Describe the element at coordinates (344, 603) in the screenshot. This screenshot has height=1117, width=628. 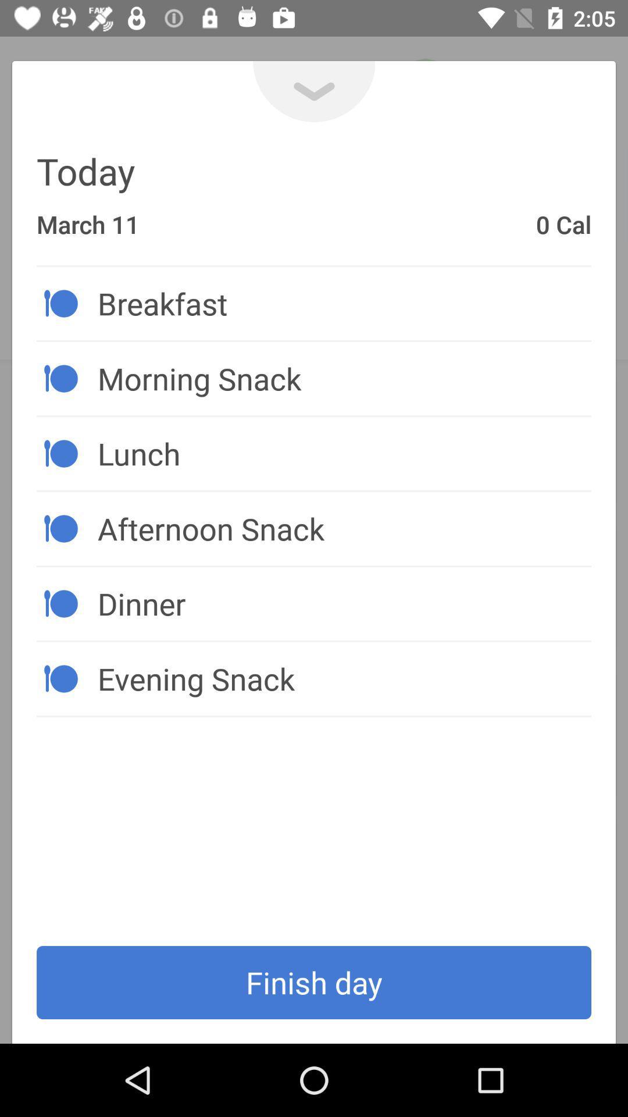
I see `dinner item` at that location.